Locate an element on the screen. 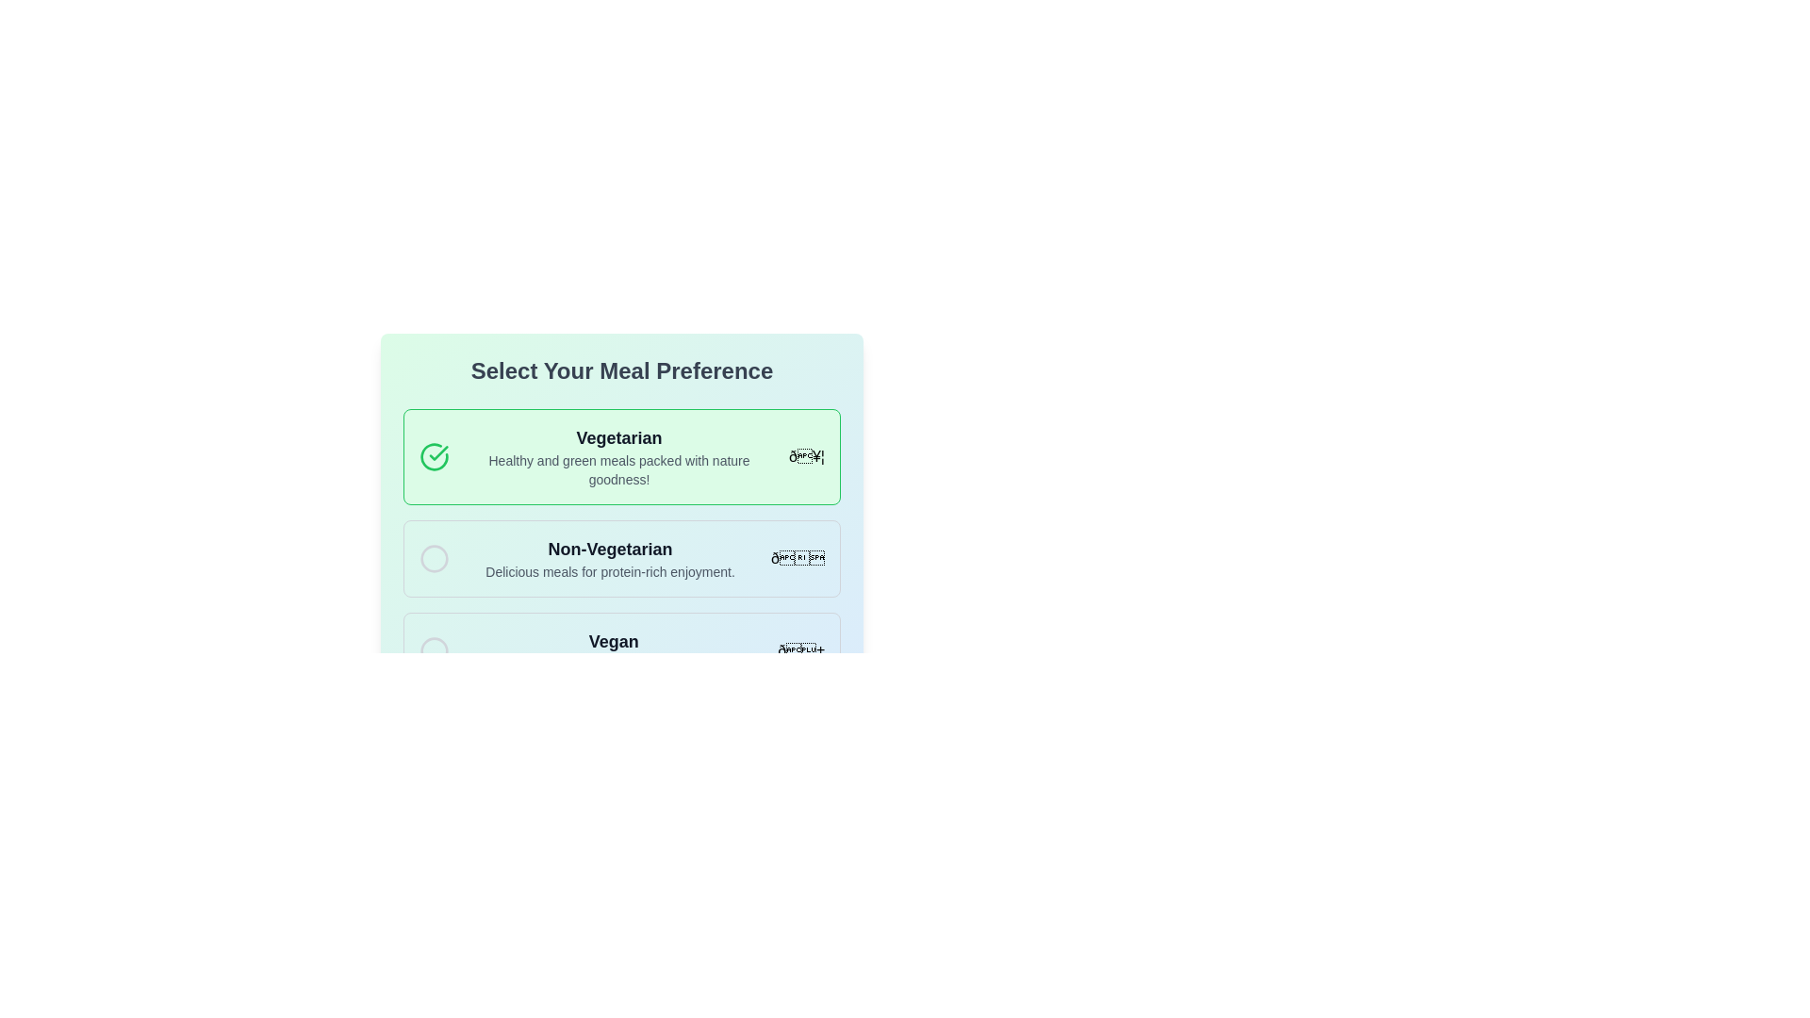 This screenshot has width=1810, height=1018. text block that describes the 'Non-Vegetarian' meal preference, which contains the lines 'Non-Vegetarian' and 'Delicious meals for protein-rich enjoyment.' is located at coordinates (610, 558).